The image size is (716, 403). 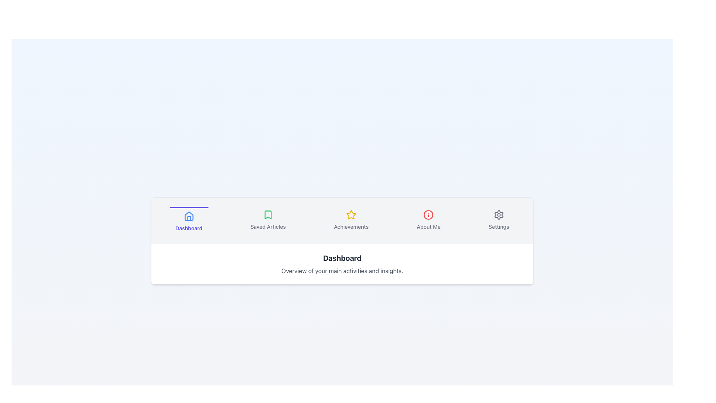 I want to click on the yellow star icon associated with the 'Achievements' label located in the navigation bar, third from the left among icons, so click(x=351, y=214).